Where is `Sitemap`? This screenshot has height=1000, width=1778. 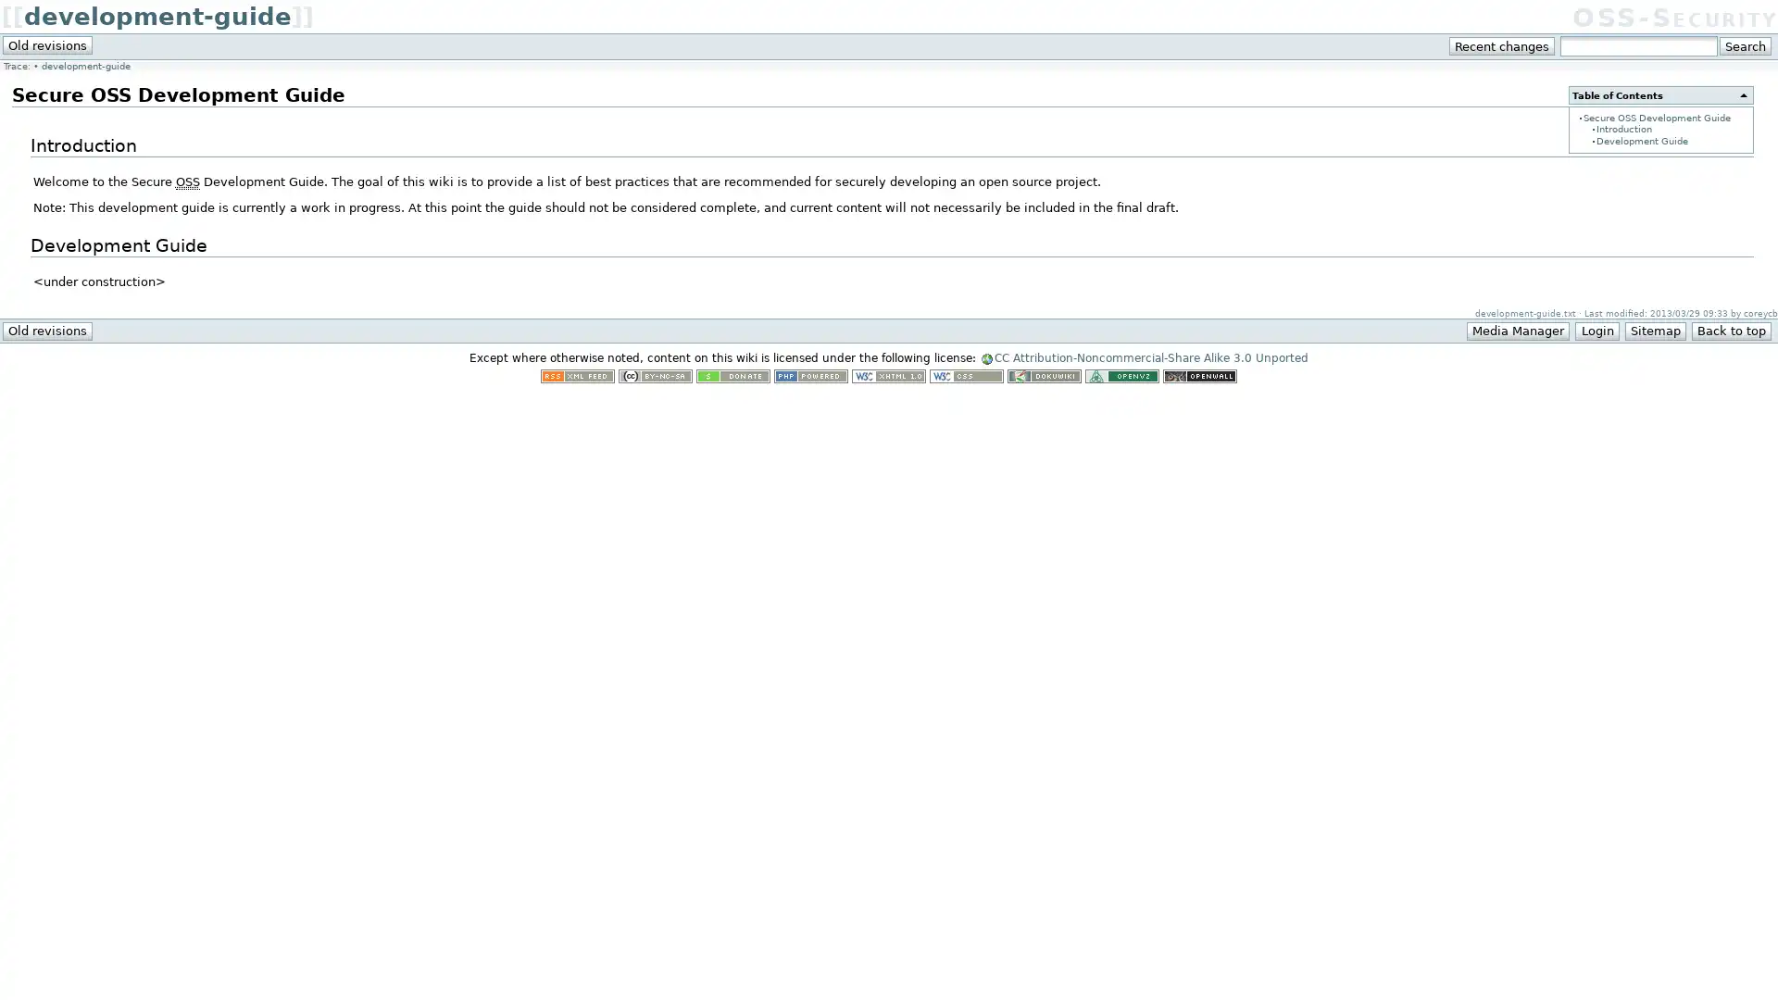
Sitemap is located at coordinates (1654, 330).